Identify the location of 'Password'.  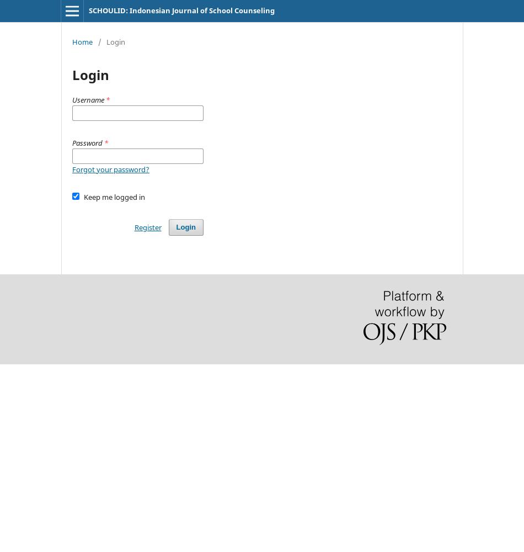
(88, 143).